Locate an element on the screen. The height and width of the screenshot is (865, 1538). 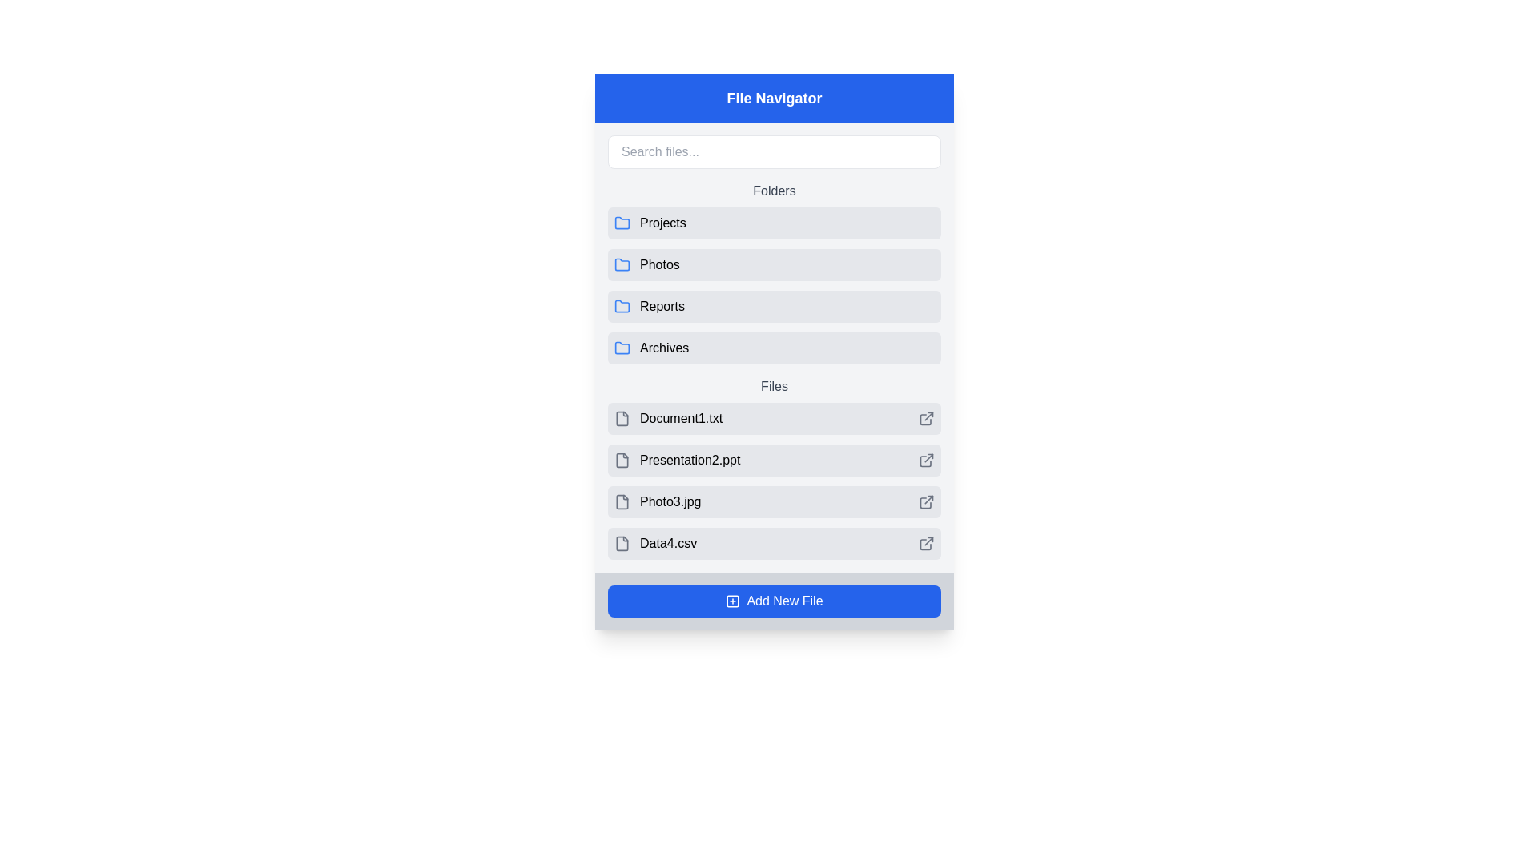
the file document icon located in the 'Files' section, next to the text 'Presentation2.ppt' is located at coordinates (622, 460).